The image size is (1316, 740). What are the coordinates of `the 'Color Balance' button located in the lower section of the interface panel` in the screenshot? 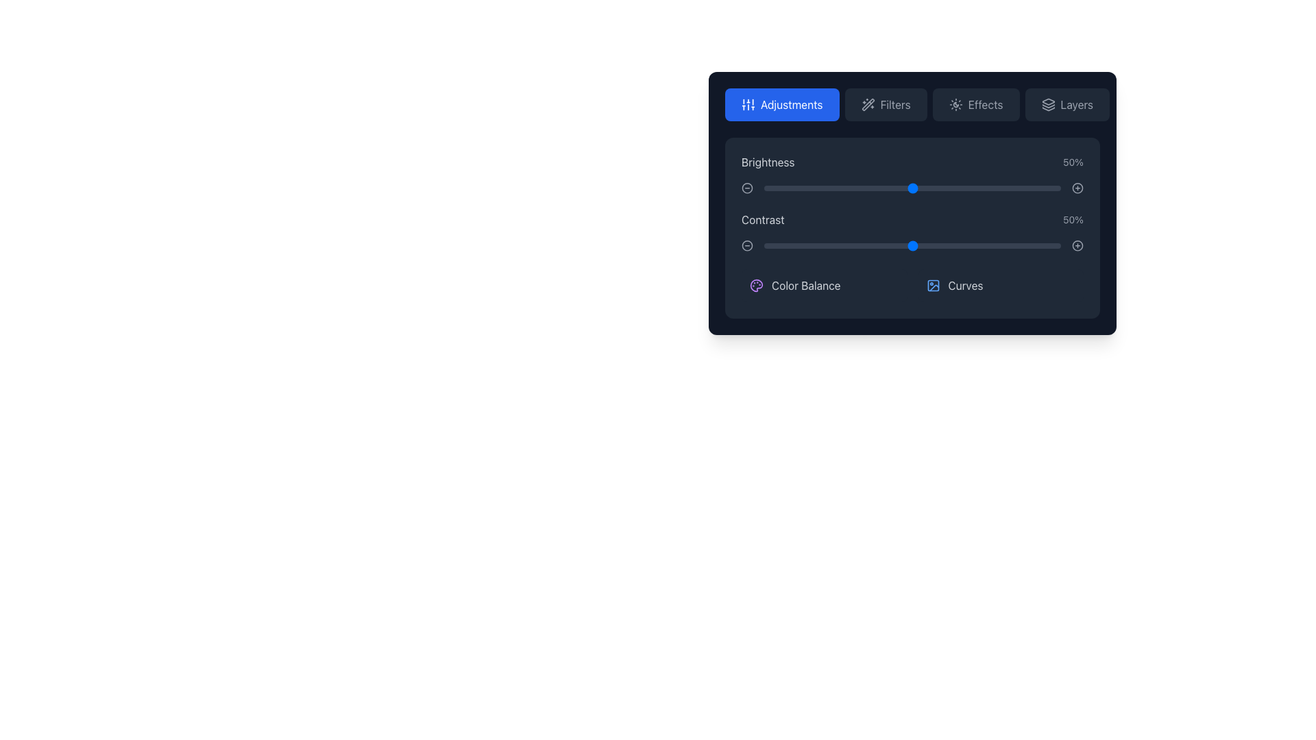 It's located at (823, 284).